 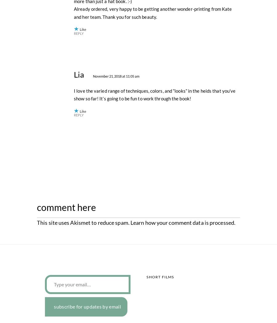 What do you see at coordinates (100, 114) in the screenshot?
I see `'November 21, 2018 at 12:15 pm'` at bounding box center [100, 114].